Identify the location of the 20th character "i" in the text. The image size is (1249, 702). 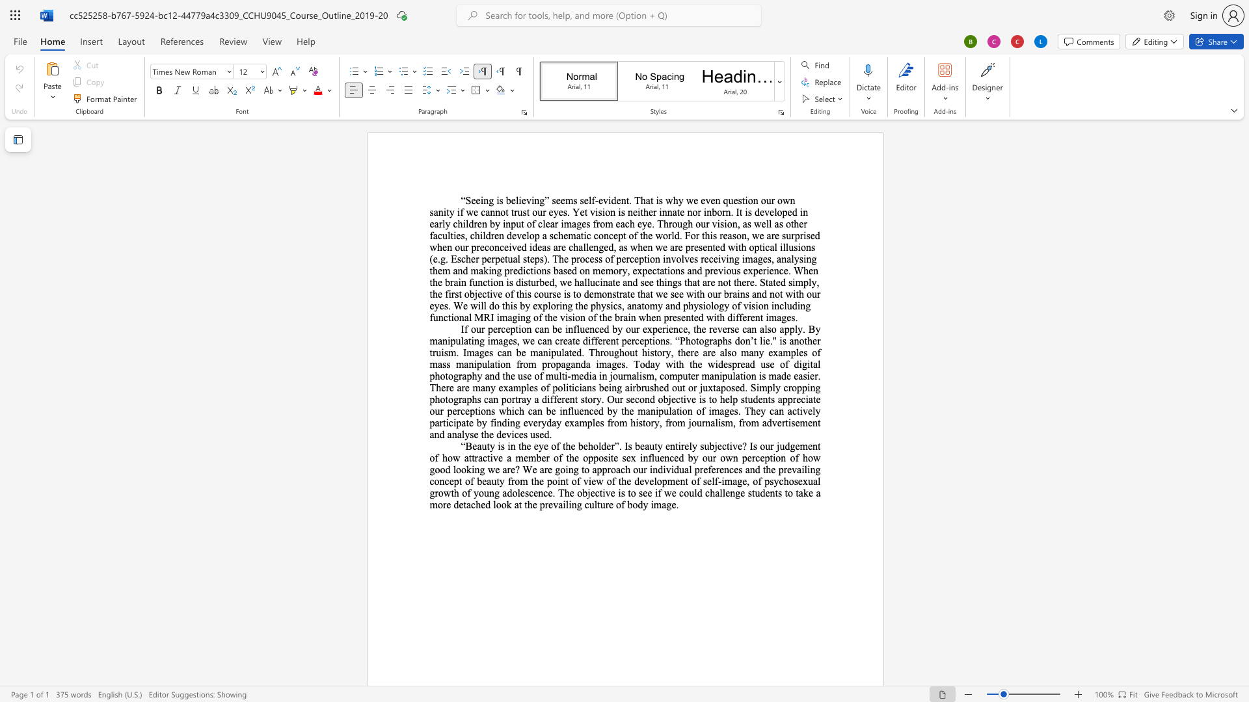
(808, 364).